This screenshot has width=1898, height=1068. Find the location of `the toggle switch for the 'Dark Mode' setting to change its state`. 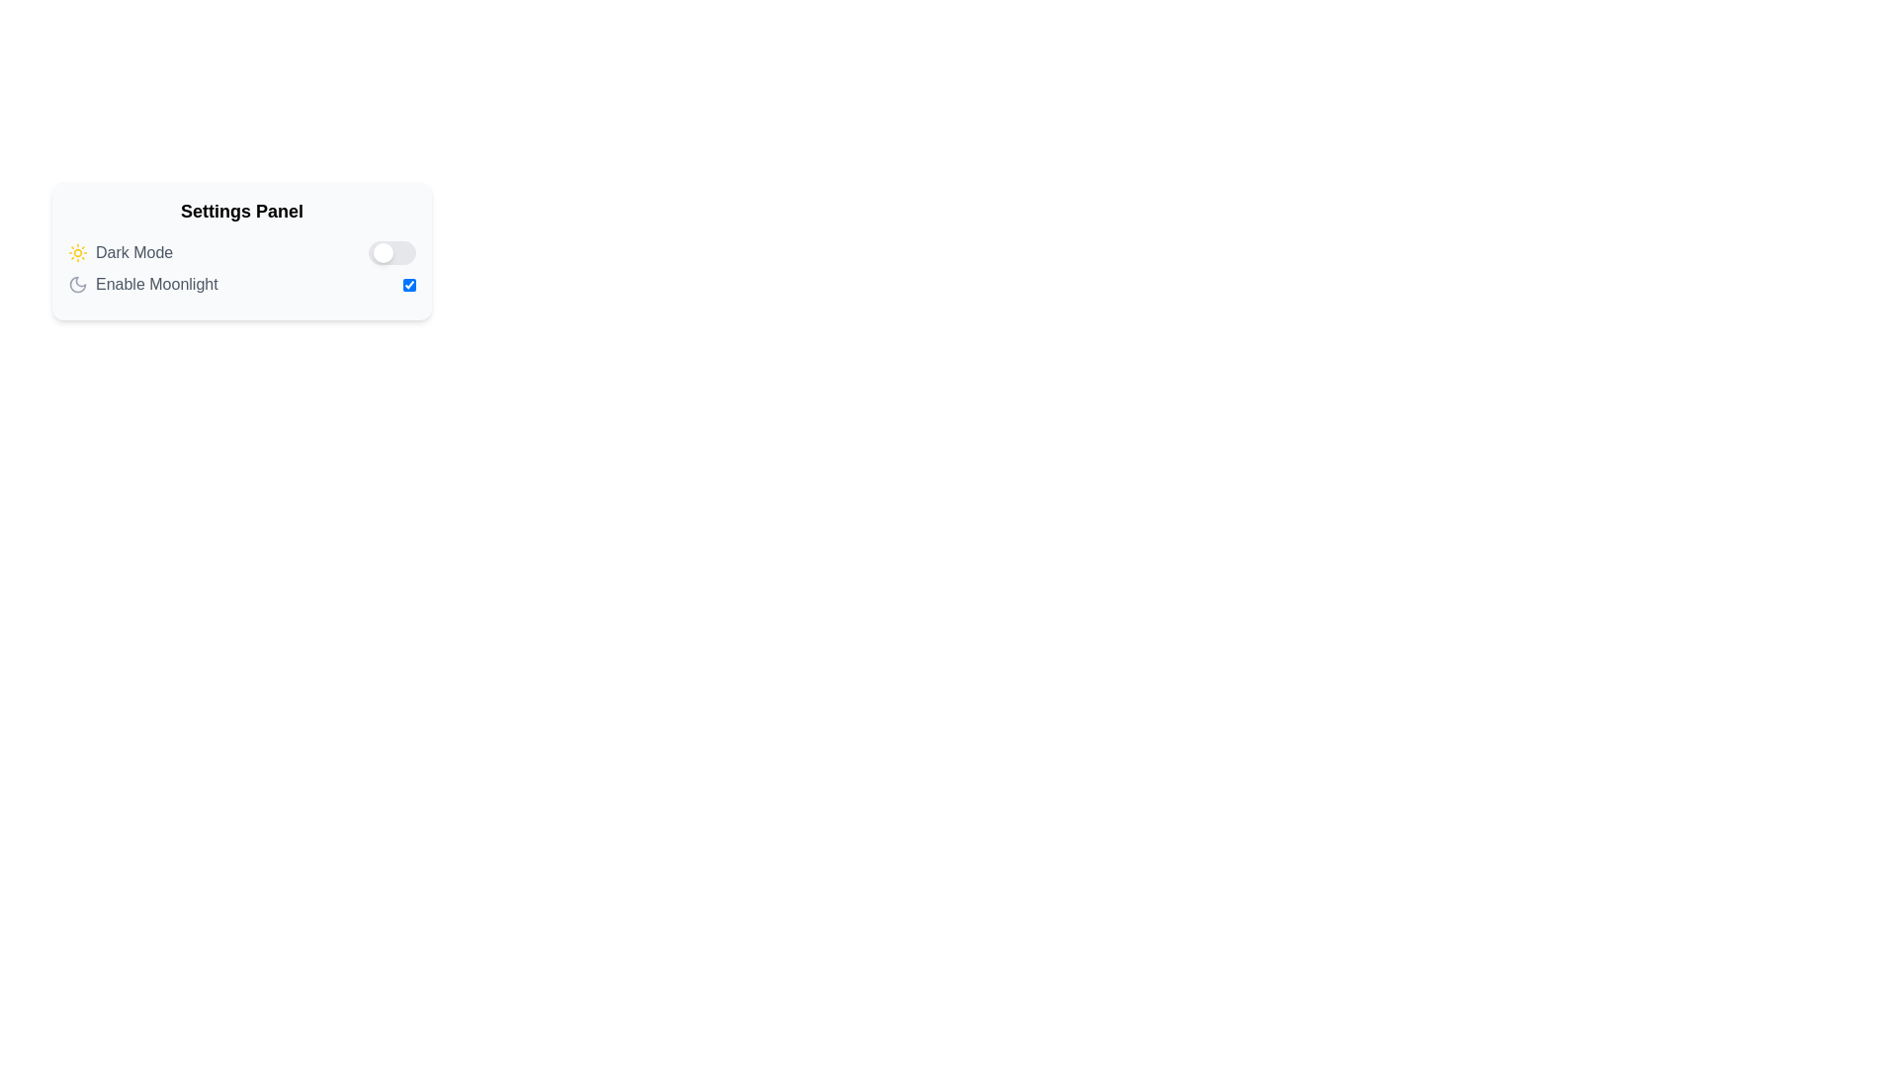

the toggle switch for the 'Dark Mode' setting to change its state is located at coordinates (392, 251).